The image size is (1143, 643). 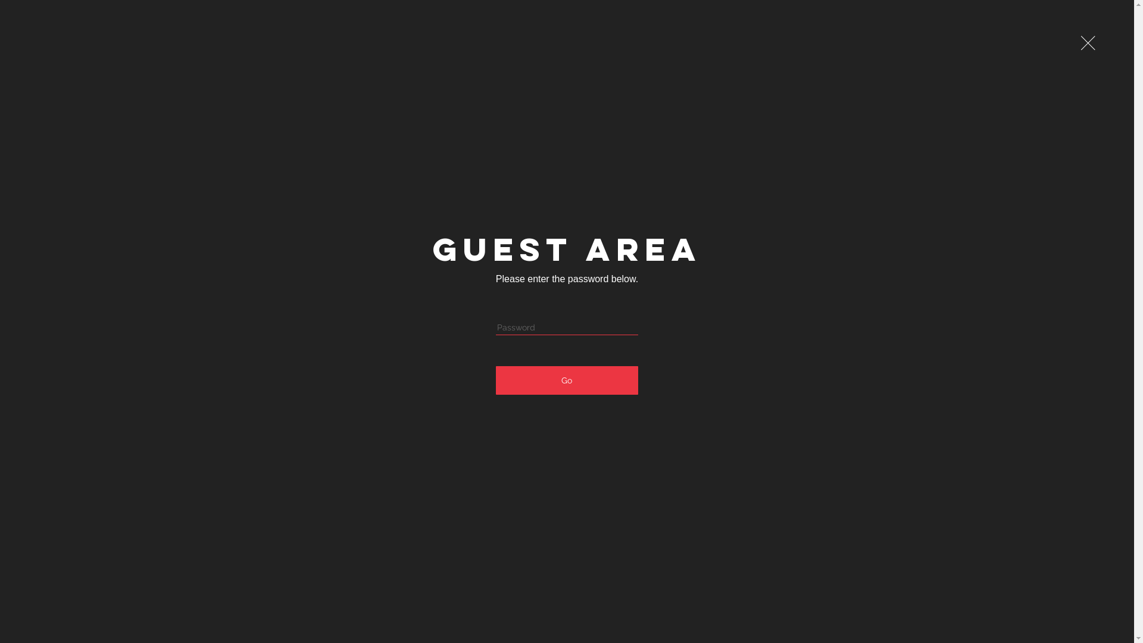 What do you see at coordinates (566, 380) in the screenshot?
I see `'Go'` at bounding box center [566, 380].